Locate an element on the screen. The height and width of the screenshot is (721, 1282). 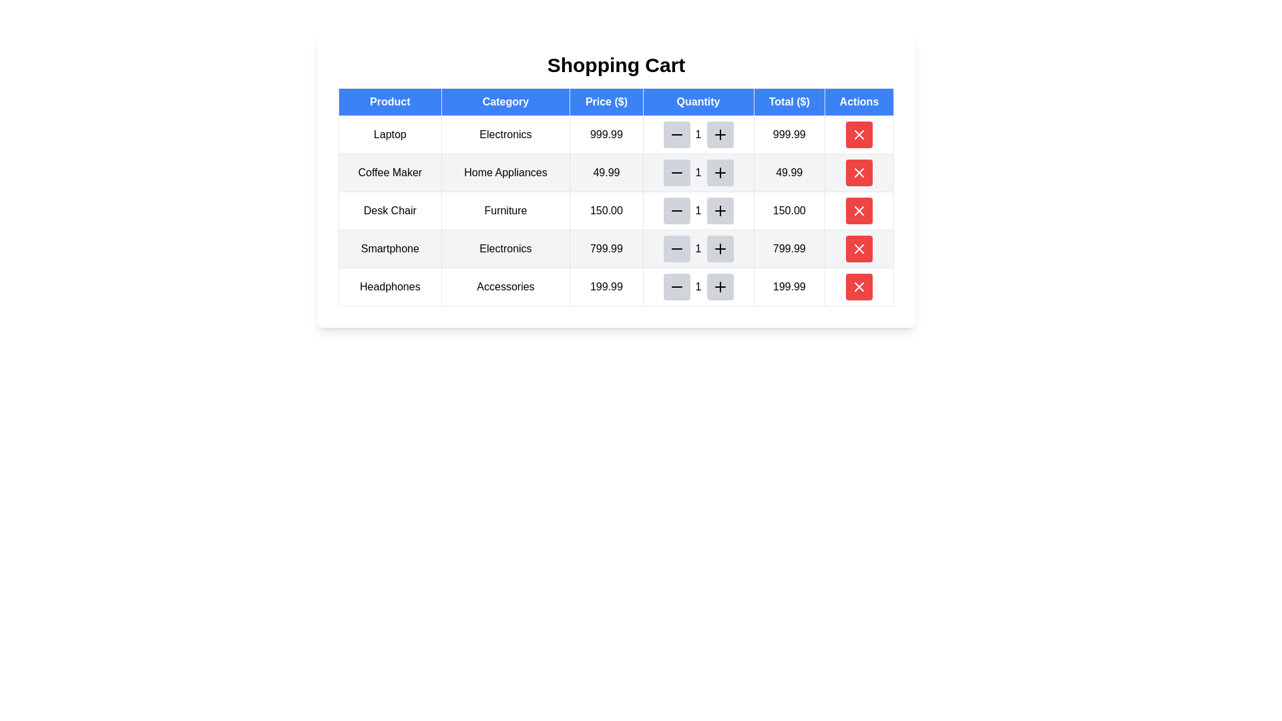
the static text label displaying 'Electronics' in the second column of the first row of the table under the 'Category' column, which is positioned to the right of the 'Laptop' cell is located at coordinates (505, 134).